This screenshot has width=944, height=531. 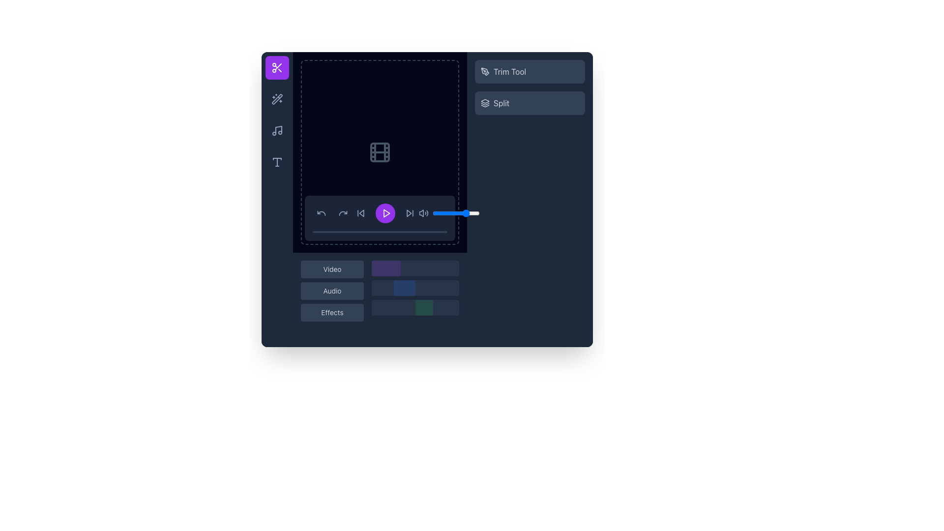 I want to click on the control panel toolbar located at the bottom of the interface, so click(x=379, y=217).